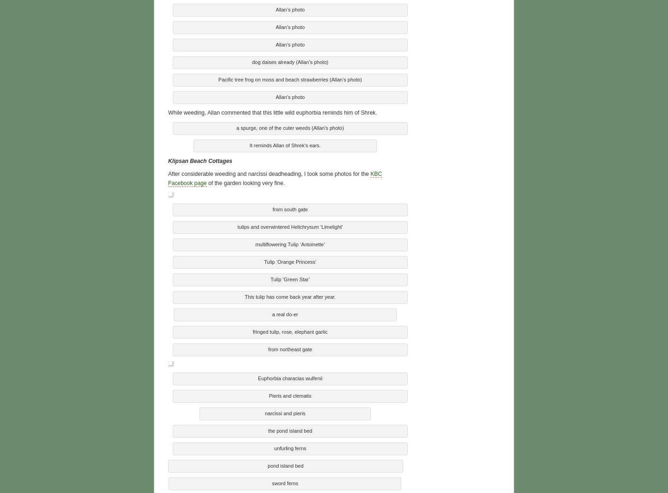 The height and width of the screenshot is (493, 668). What do you see at coordinates (289, 446) in the screenshot?
I see `'unfurling ferns'` at bounding box center [289, 446].